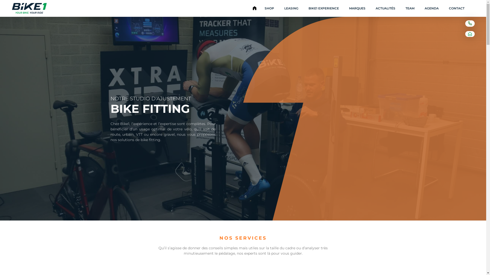  I want to click on 'SHOP', so click(269, 8).